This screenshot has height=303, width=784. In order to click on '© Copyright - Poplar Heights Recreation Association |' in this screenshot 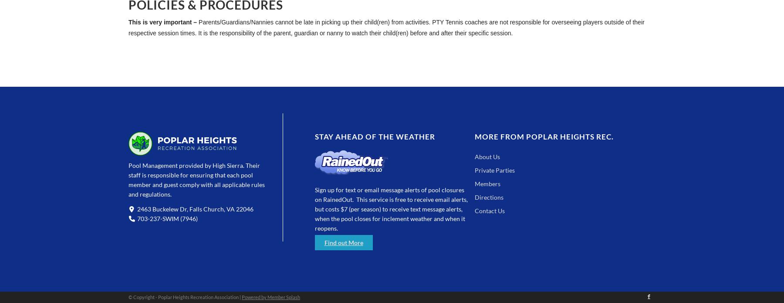, I will do `click(185, 296)`.